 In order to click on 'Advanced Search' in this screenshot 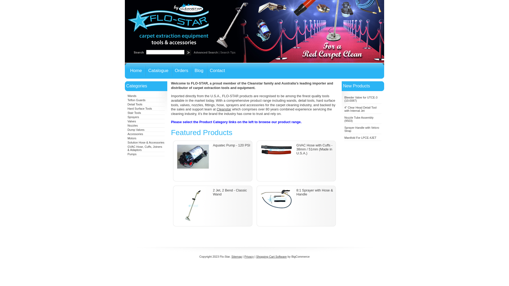, I will do `click(205, 52)`.